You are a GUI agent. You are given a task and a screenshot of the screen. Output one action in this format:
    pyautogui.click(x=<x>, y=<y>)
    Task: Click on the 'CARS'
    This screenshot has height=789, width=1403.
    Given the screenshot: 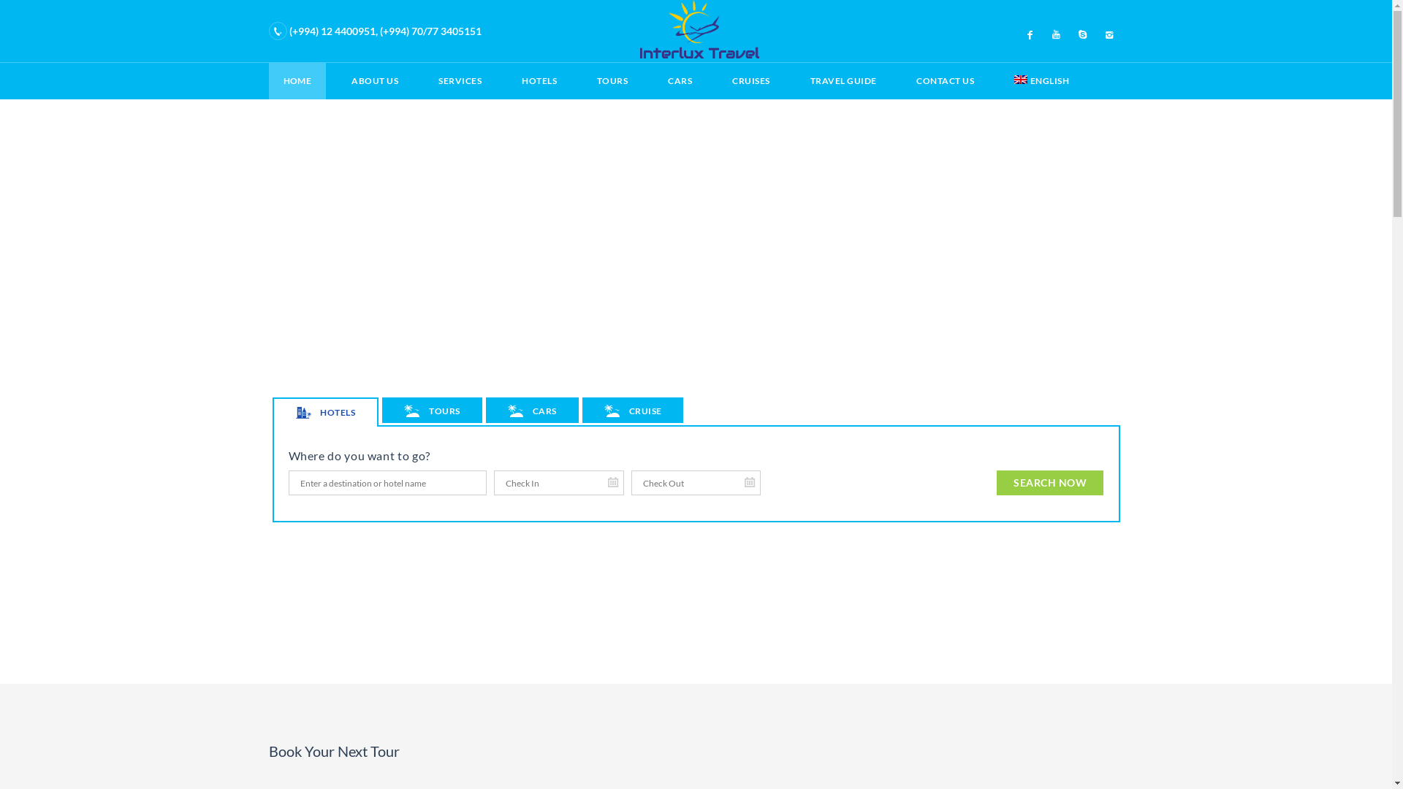 What is the action you would take?
    pyautogui.click(x=531, y=410)
    